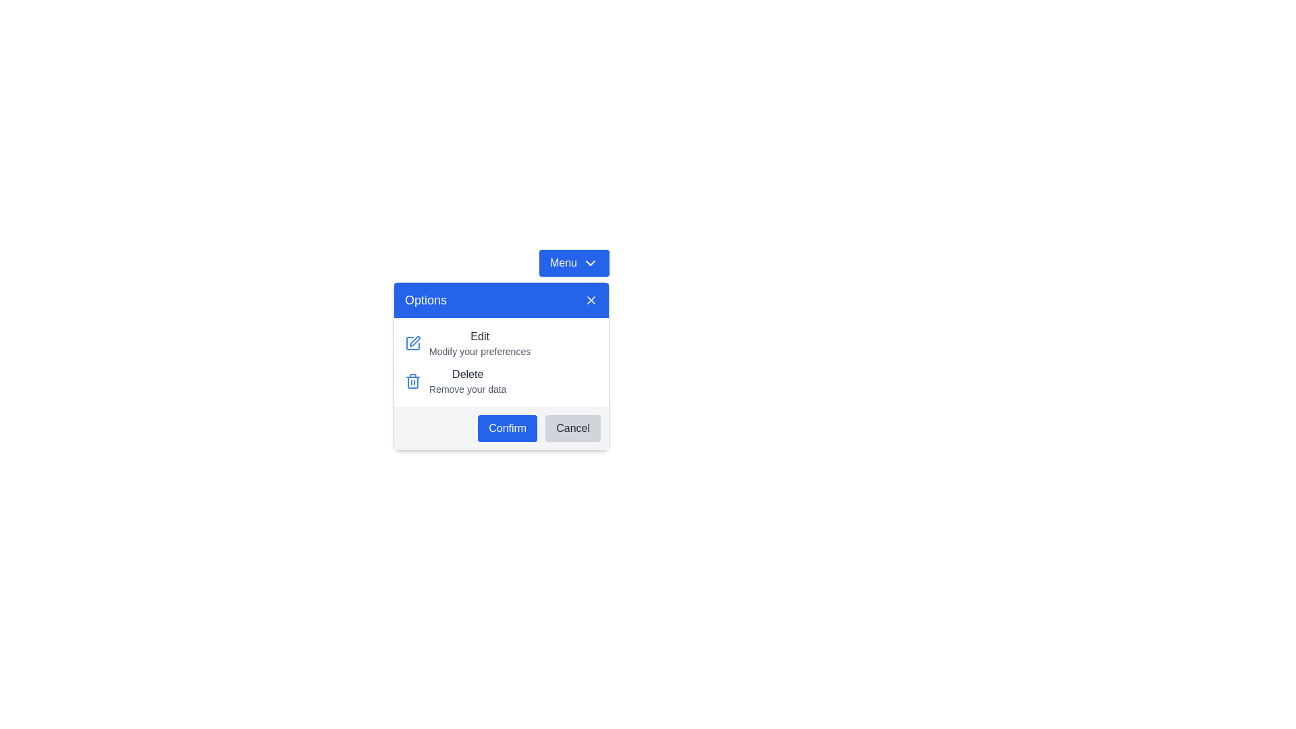  I want to click on the 'Edit' text element displayed in bold, dark gray font, located in the dialog box under the 'Options' header, so click(480, 335).